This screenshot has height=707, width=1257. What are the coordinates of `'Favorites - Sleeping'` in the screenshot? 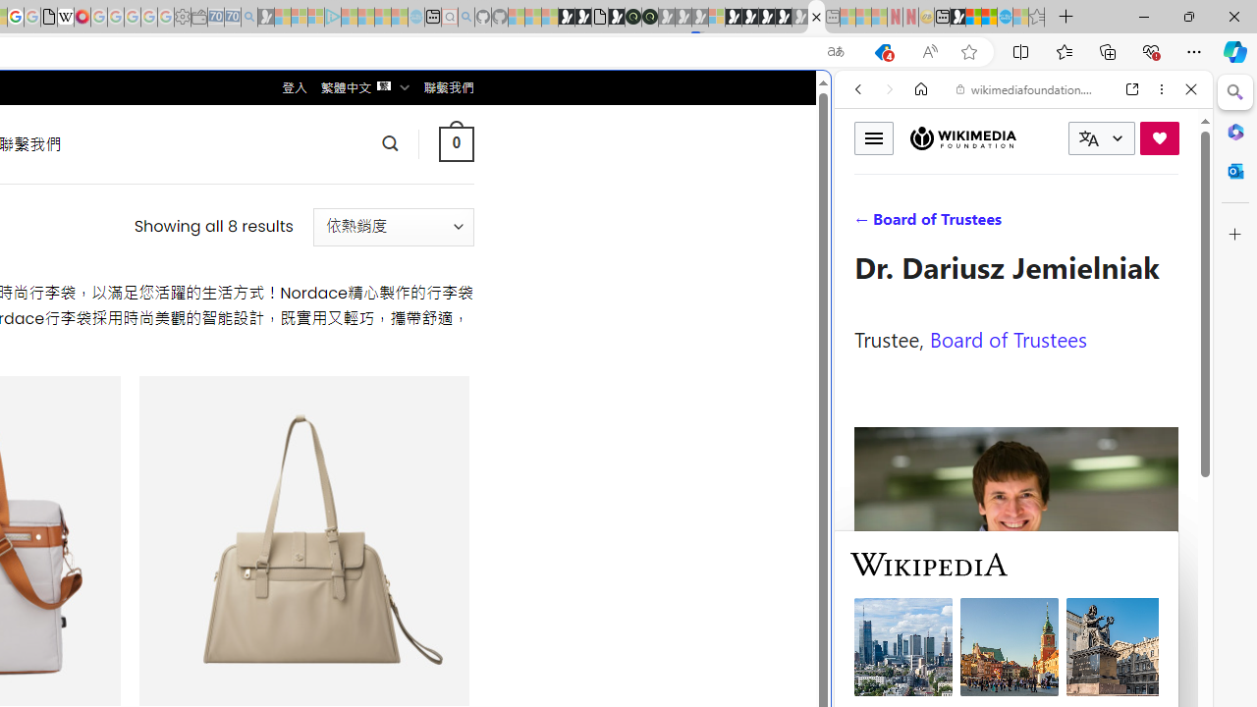 It's located at (1036, 17).